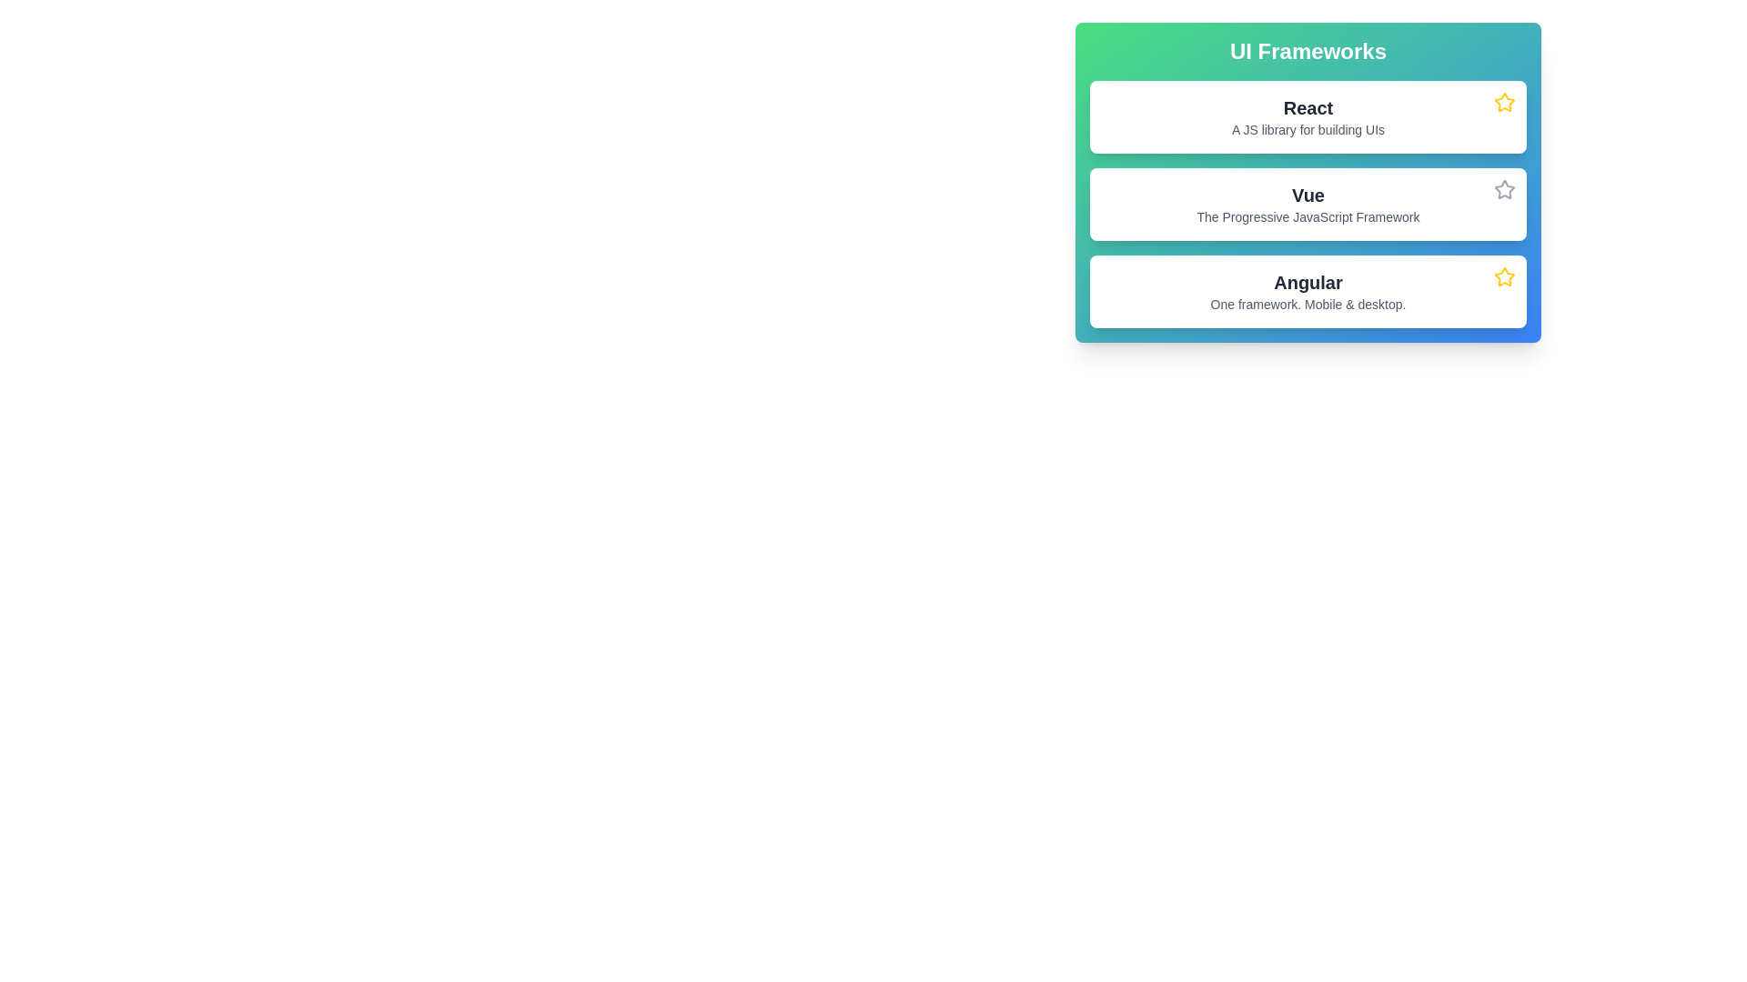 The image size is (1747, 982). What do you see at coordinates (1505, 102) in the screenshot?
I see `the star icon at the top-right corner of the card for the library 'React'` at bounding box center [1505, 102].